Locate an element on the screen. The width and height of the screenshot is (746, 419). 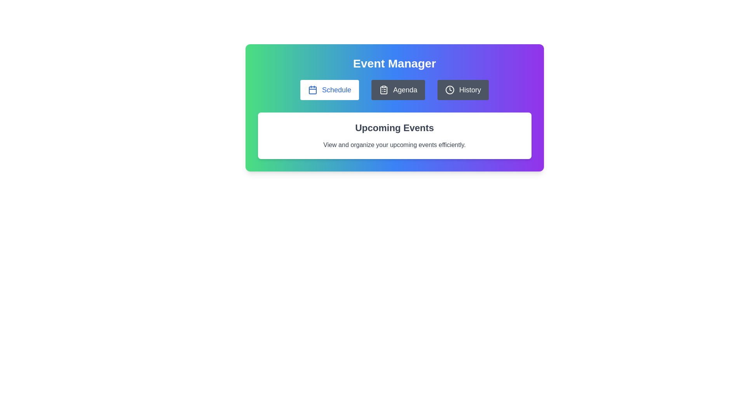
descriptive text located in the 'Upcoming Events' section, positioned directly below the bold header 'Upcoming Events' is located at coordinates (394, 145).